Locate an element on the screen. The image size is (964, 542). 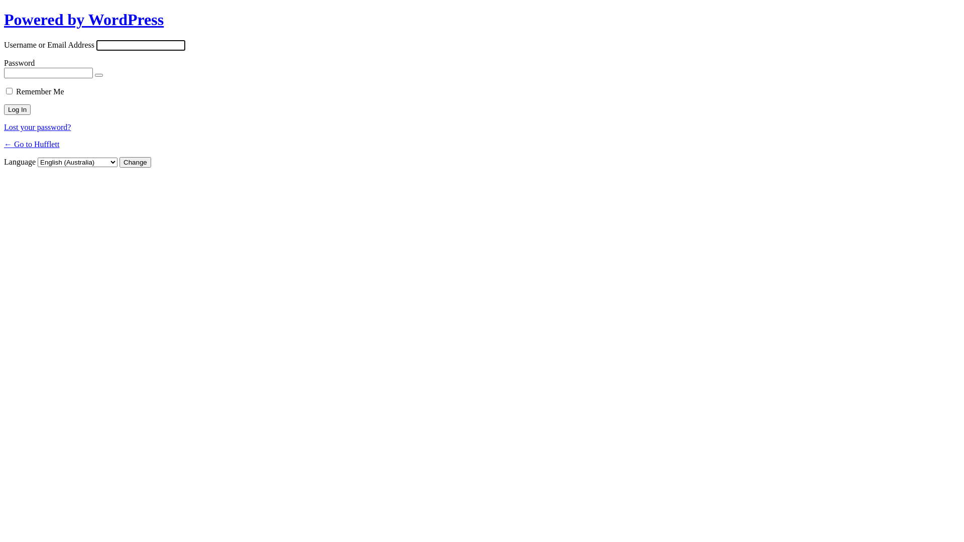
'Change' is located at coordinates (135, 162).